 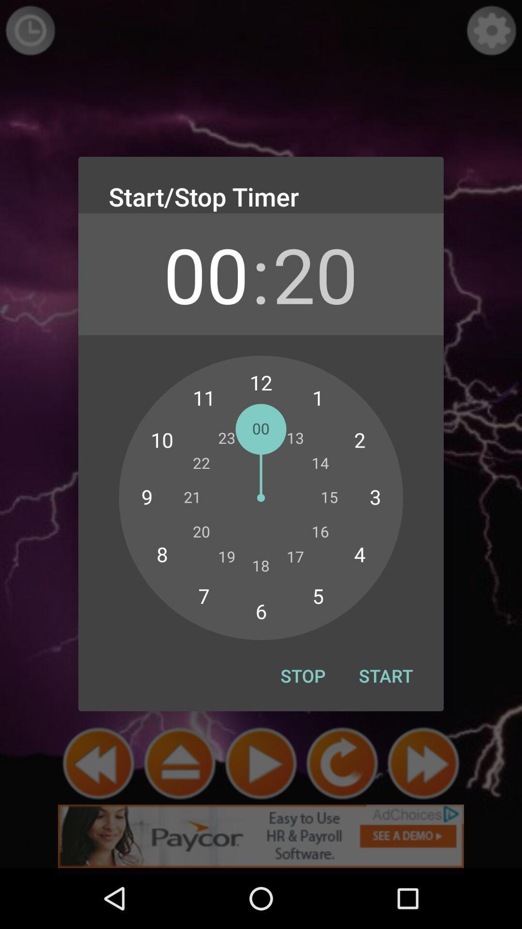 I want to click on app to the left of : app, so click(x=205, y=273).